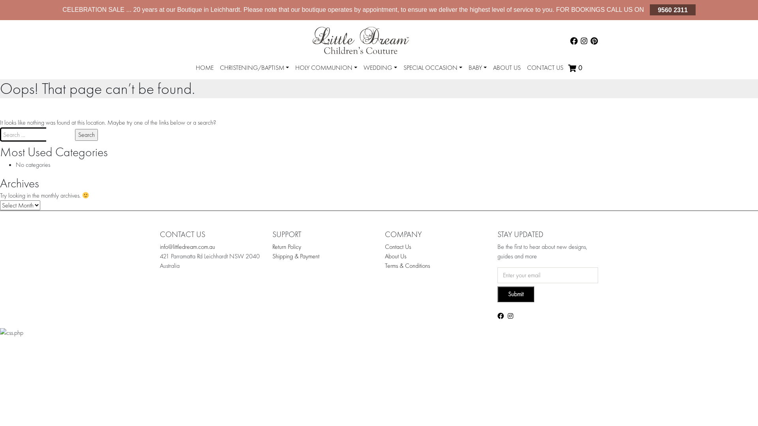  Describe the element at coordinates (254, 67) in the screenshot. I see `'CHRISTENING/BAPTISM'` at that location.